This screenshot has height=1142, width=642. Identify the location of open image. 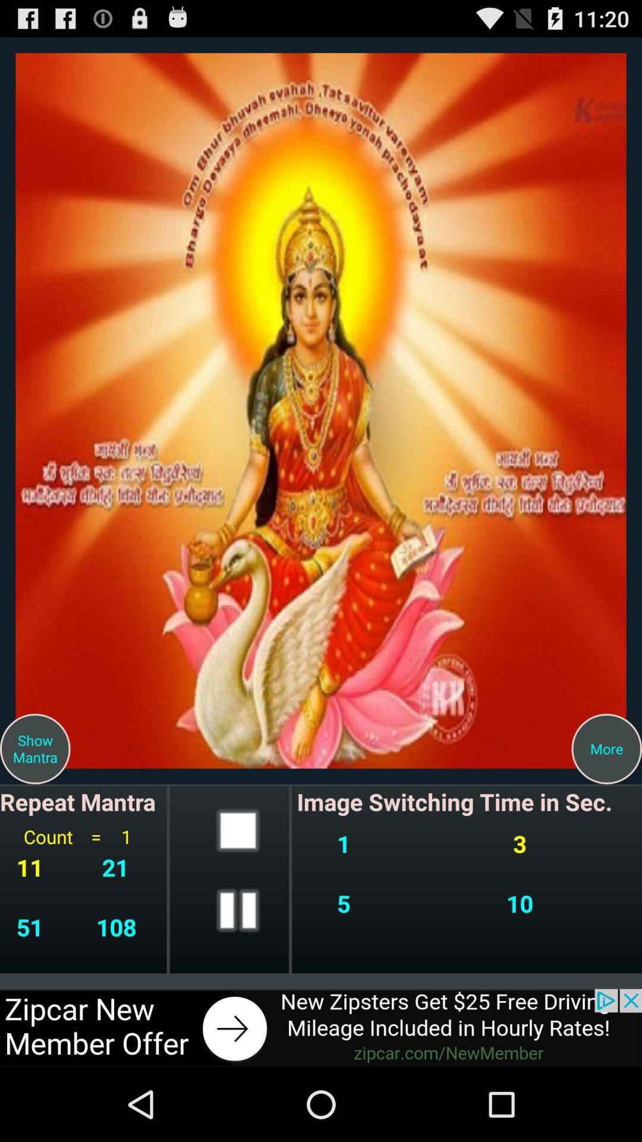
(321, 410).